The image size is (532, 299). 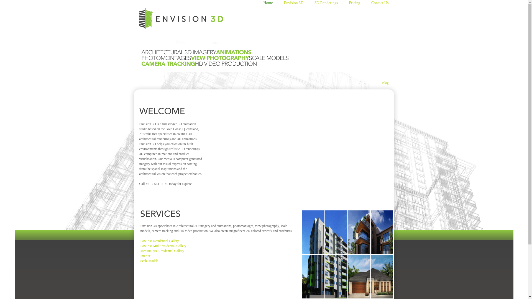 What do you see at coordinates (163, 245) in the screenshot?
I see `'Low-rise Mulit-residential Gallery'` at bounding box center [163, 245].